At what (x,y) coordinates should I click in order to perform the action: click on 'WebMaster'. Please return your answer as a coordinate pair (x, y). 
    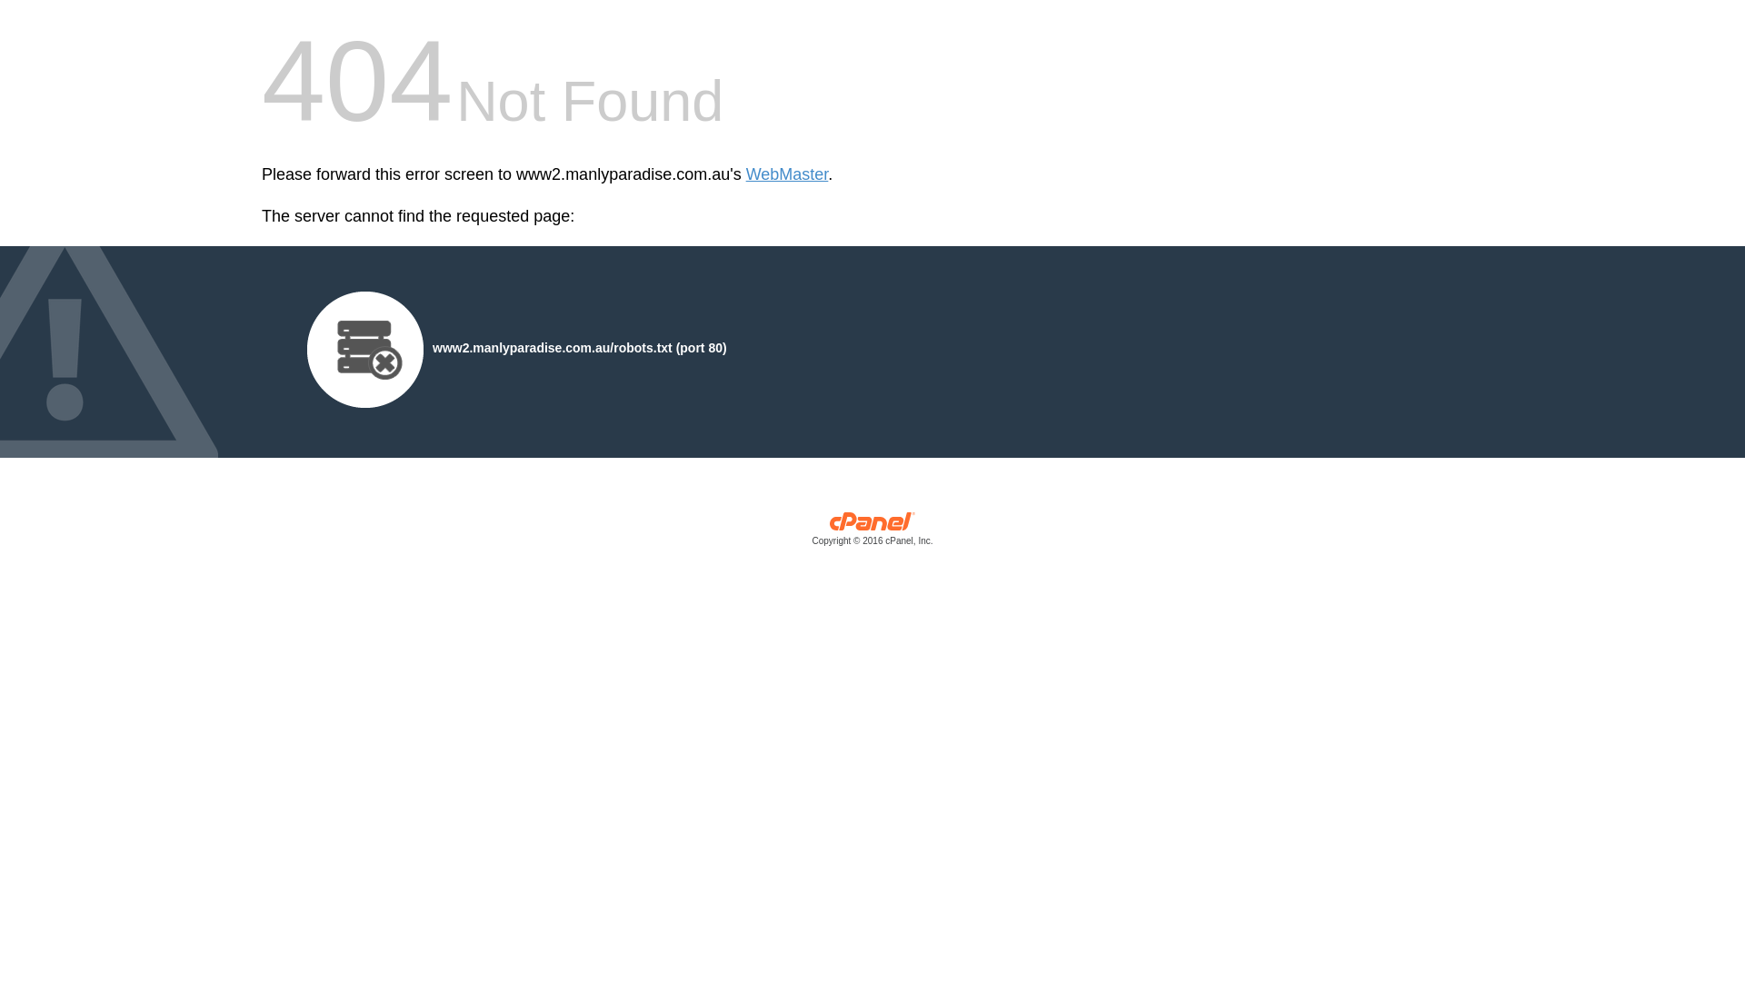
    Looking at the image, I should click on (745, 174).